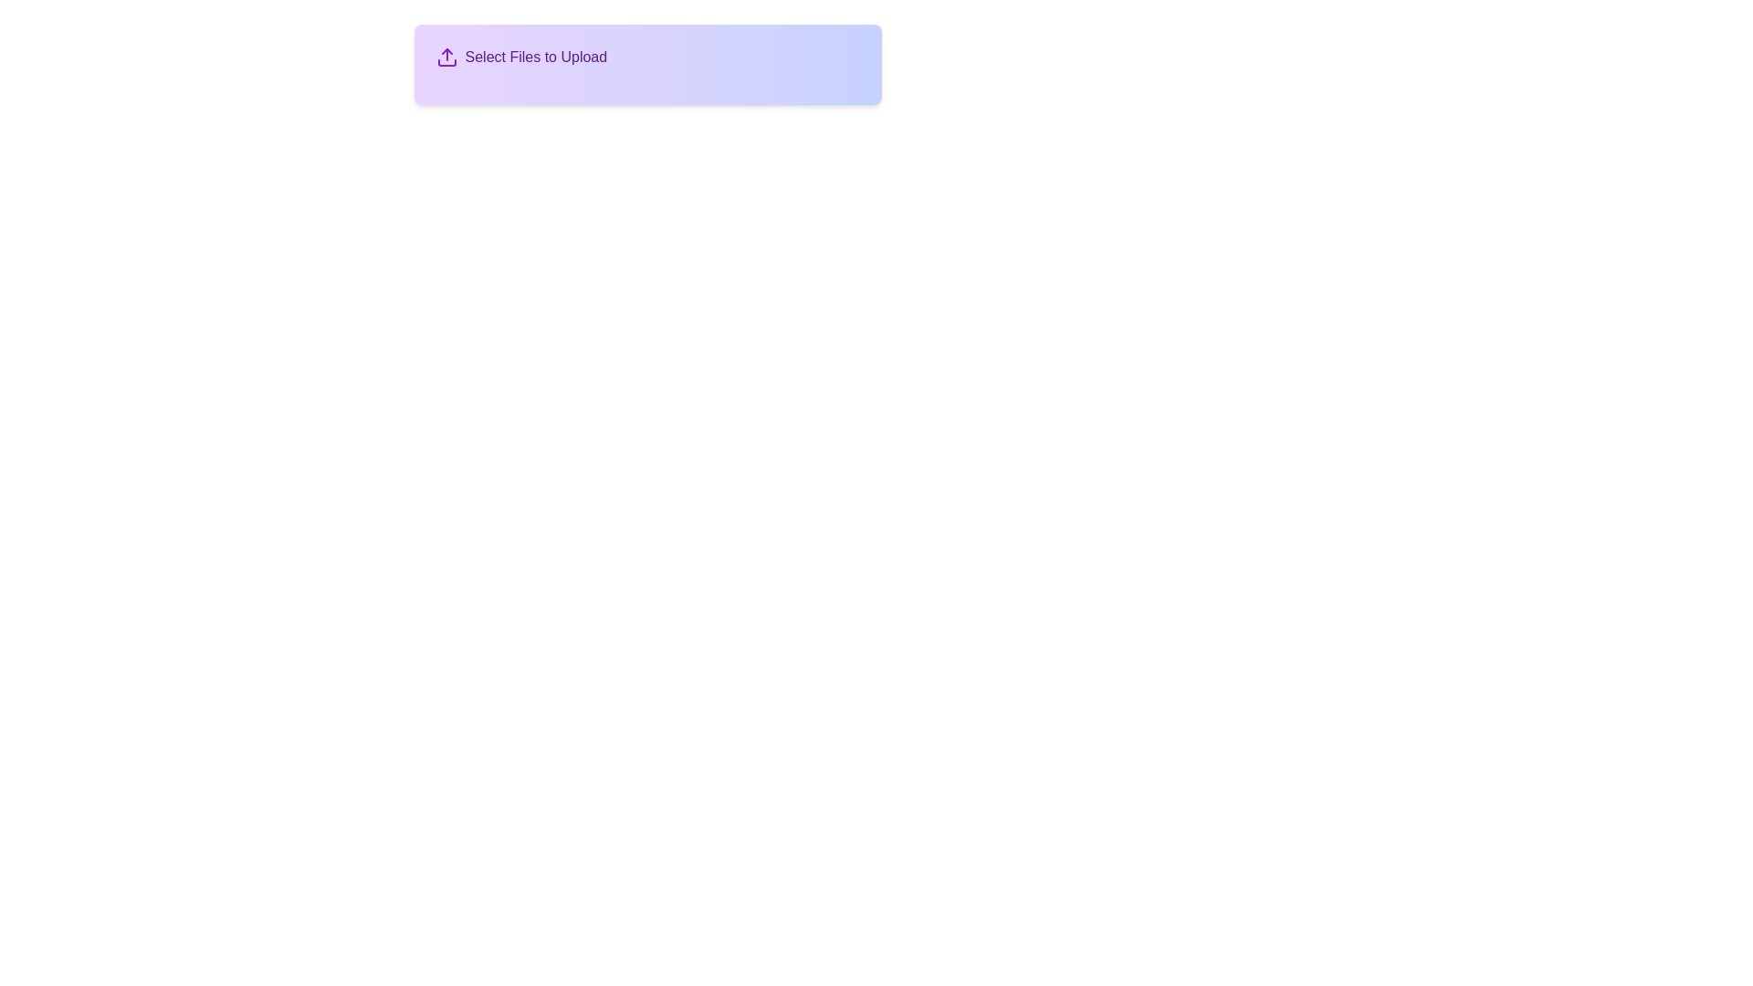  I want to click on the 'Select Files to Upload' link, which is styled in purple and underlined on hover, to initiate the file selection process, so click(534, 56).